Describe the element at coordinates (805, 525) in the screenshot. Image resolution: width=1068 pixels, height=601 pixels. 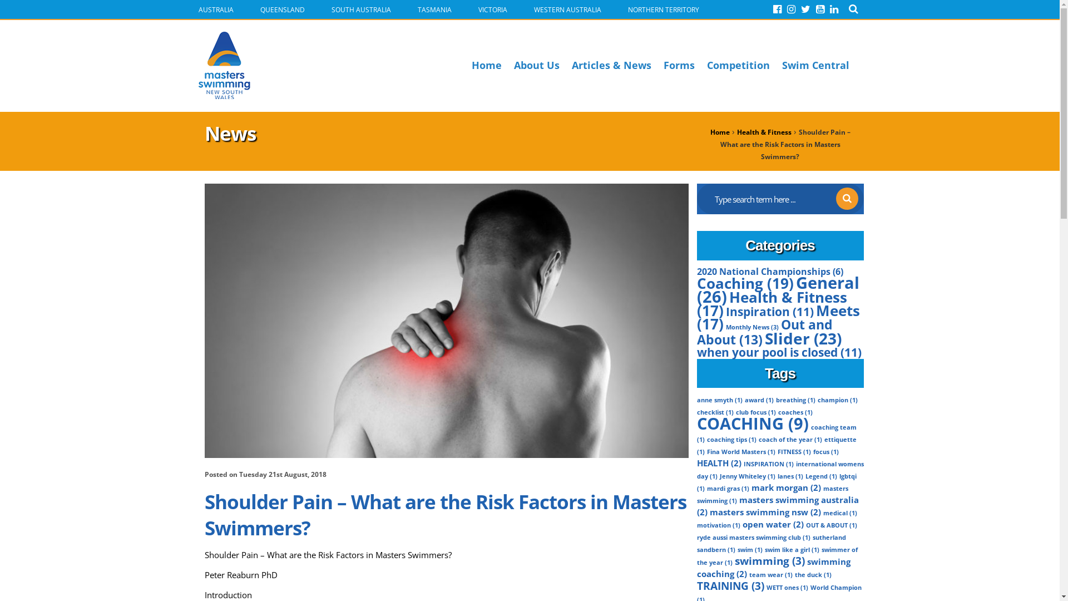
I see `'OUT & ABOUT (1)'` at that location.